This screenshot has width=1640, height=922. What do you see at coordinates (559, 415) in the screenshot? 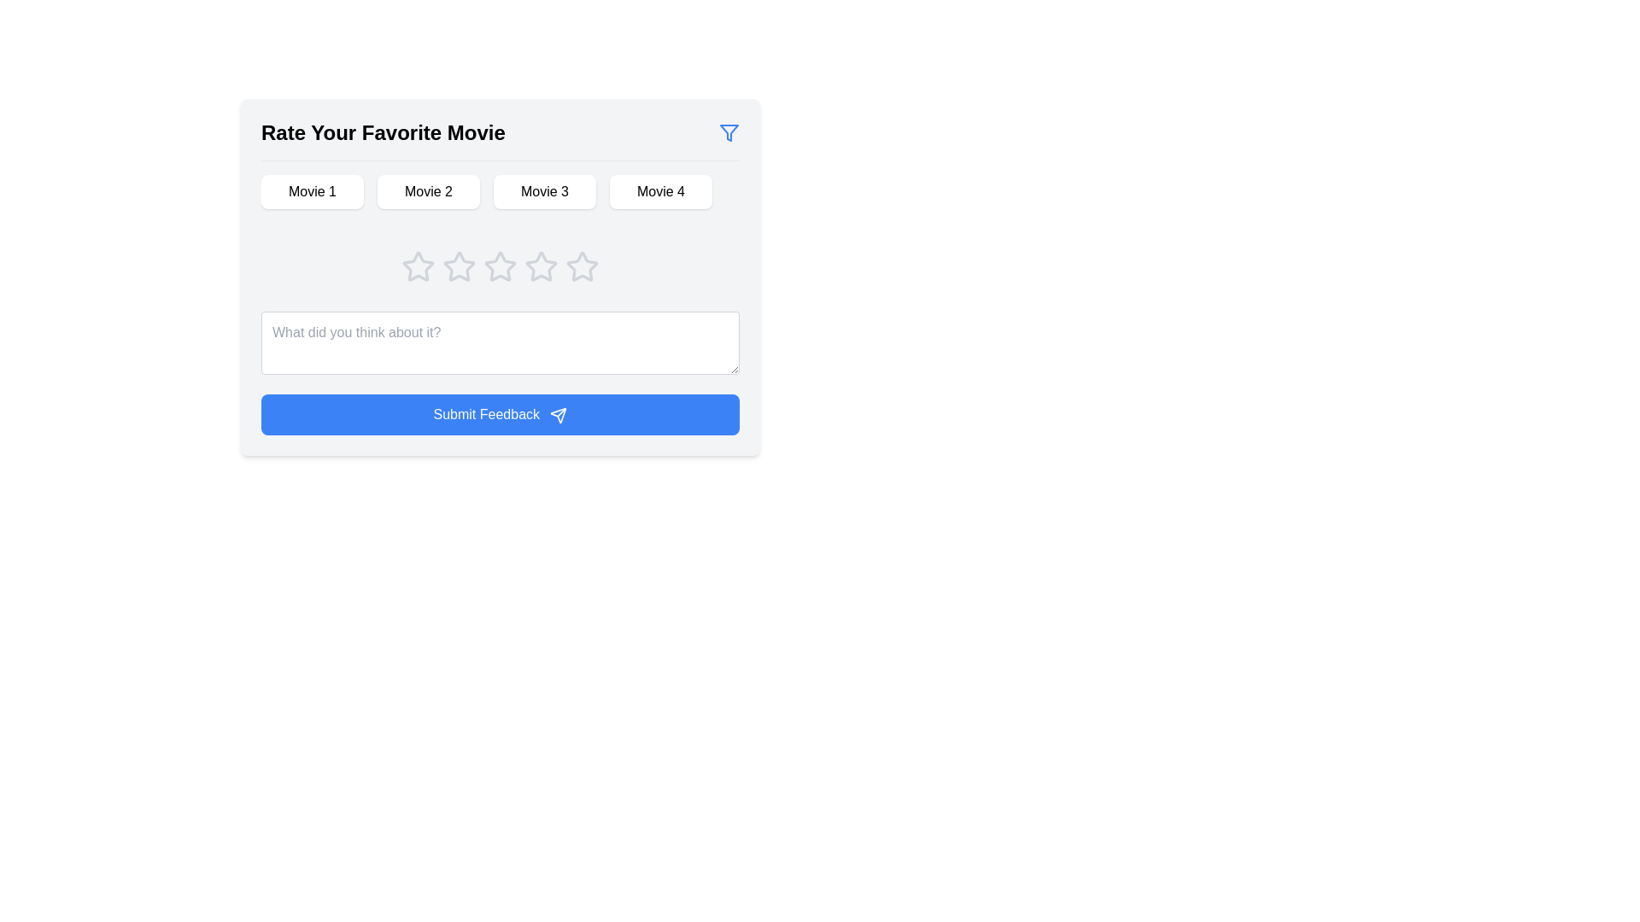
I see `the Send symbol icon located at the far right end of the 'Submit Feedback' button` at bounding box center [559, 415].